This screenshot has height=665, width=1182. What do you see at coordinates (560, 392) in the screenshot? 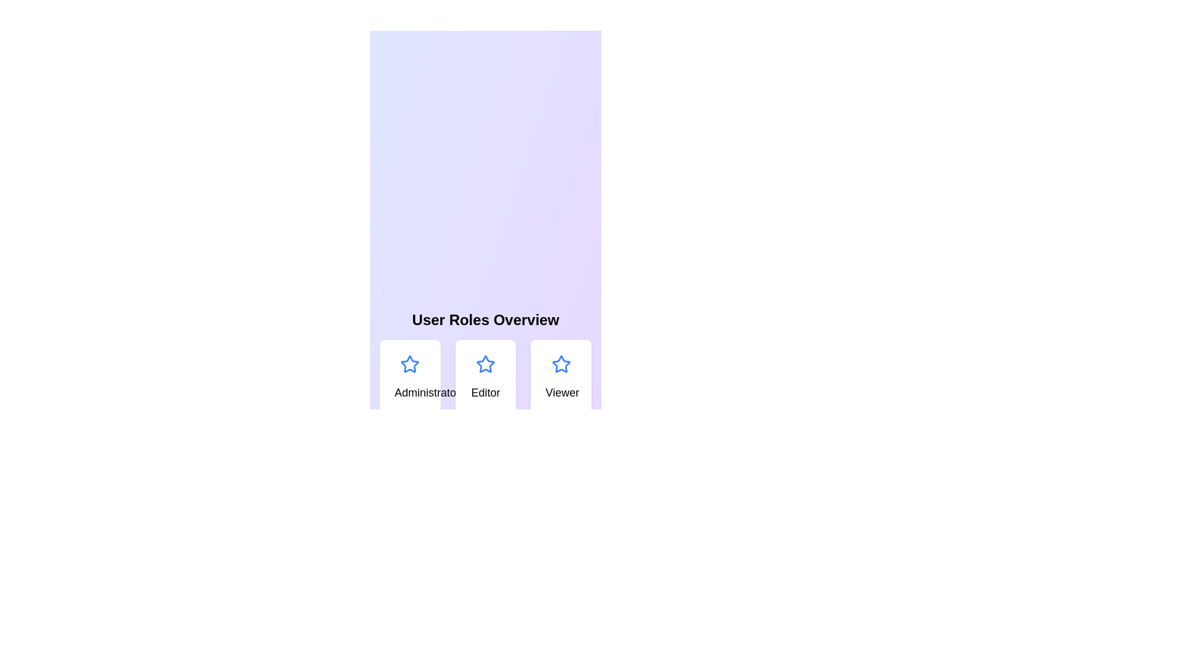
I see `the static Text Label indicating the role name 'Viewer', which is positioned below a stylized blue star icon in the bottom section of the card-like structure` at bounding box center [560, 392].